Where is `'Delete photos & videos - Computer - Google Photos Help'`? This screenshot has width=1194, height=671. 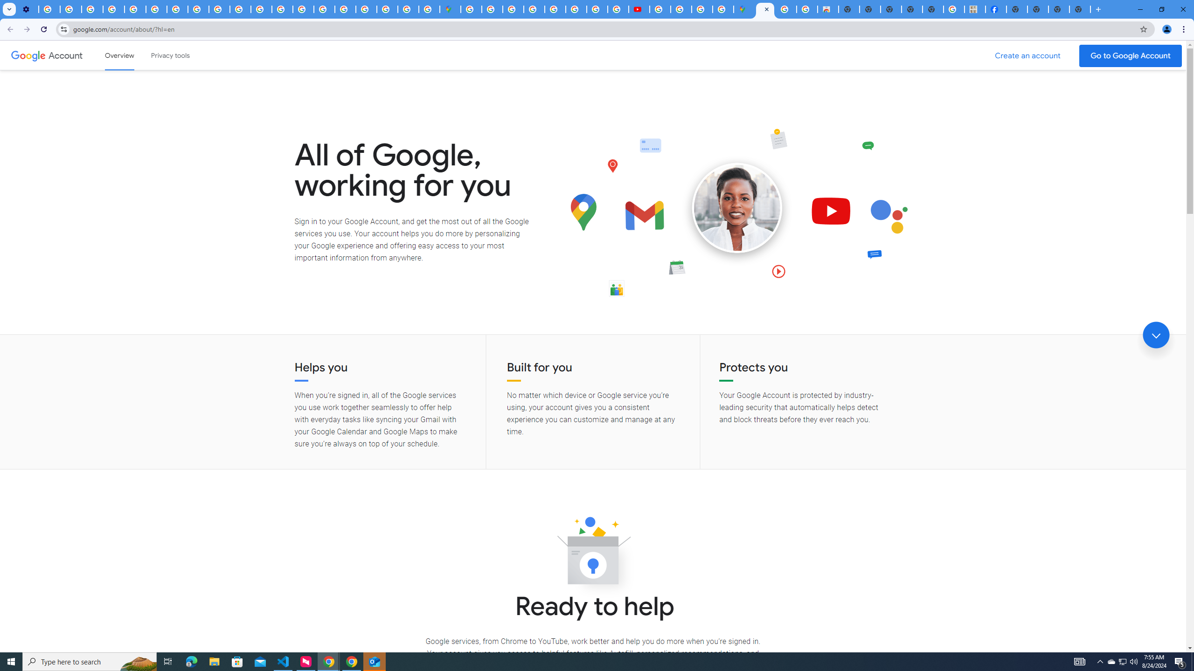 'Delete photos & videos - Computer - Google Photos Help' is located at coordinates (49, 9).